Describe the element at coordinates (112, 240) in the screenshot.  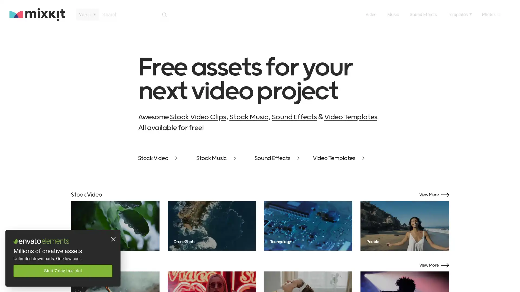
I see `Close` at that location.